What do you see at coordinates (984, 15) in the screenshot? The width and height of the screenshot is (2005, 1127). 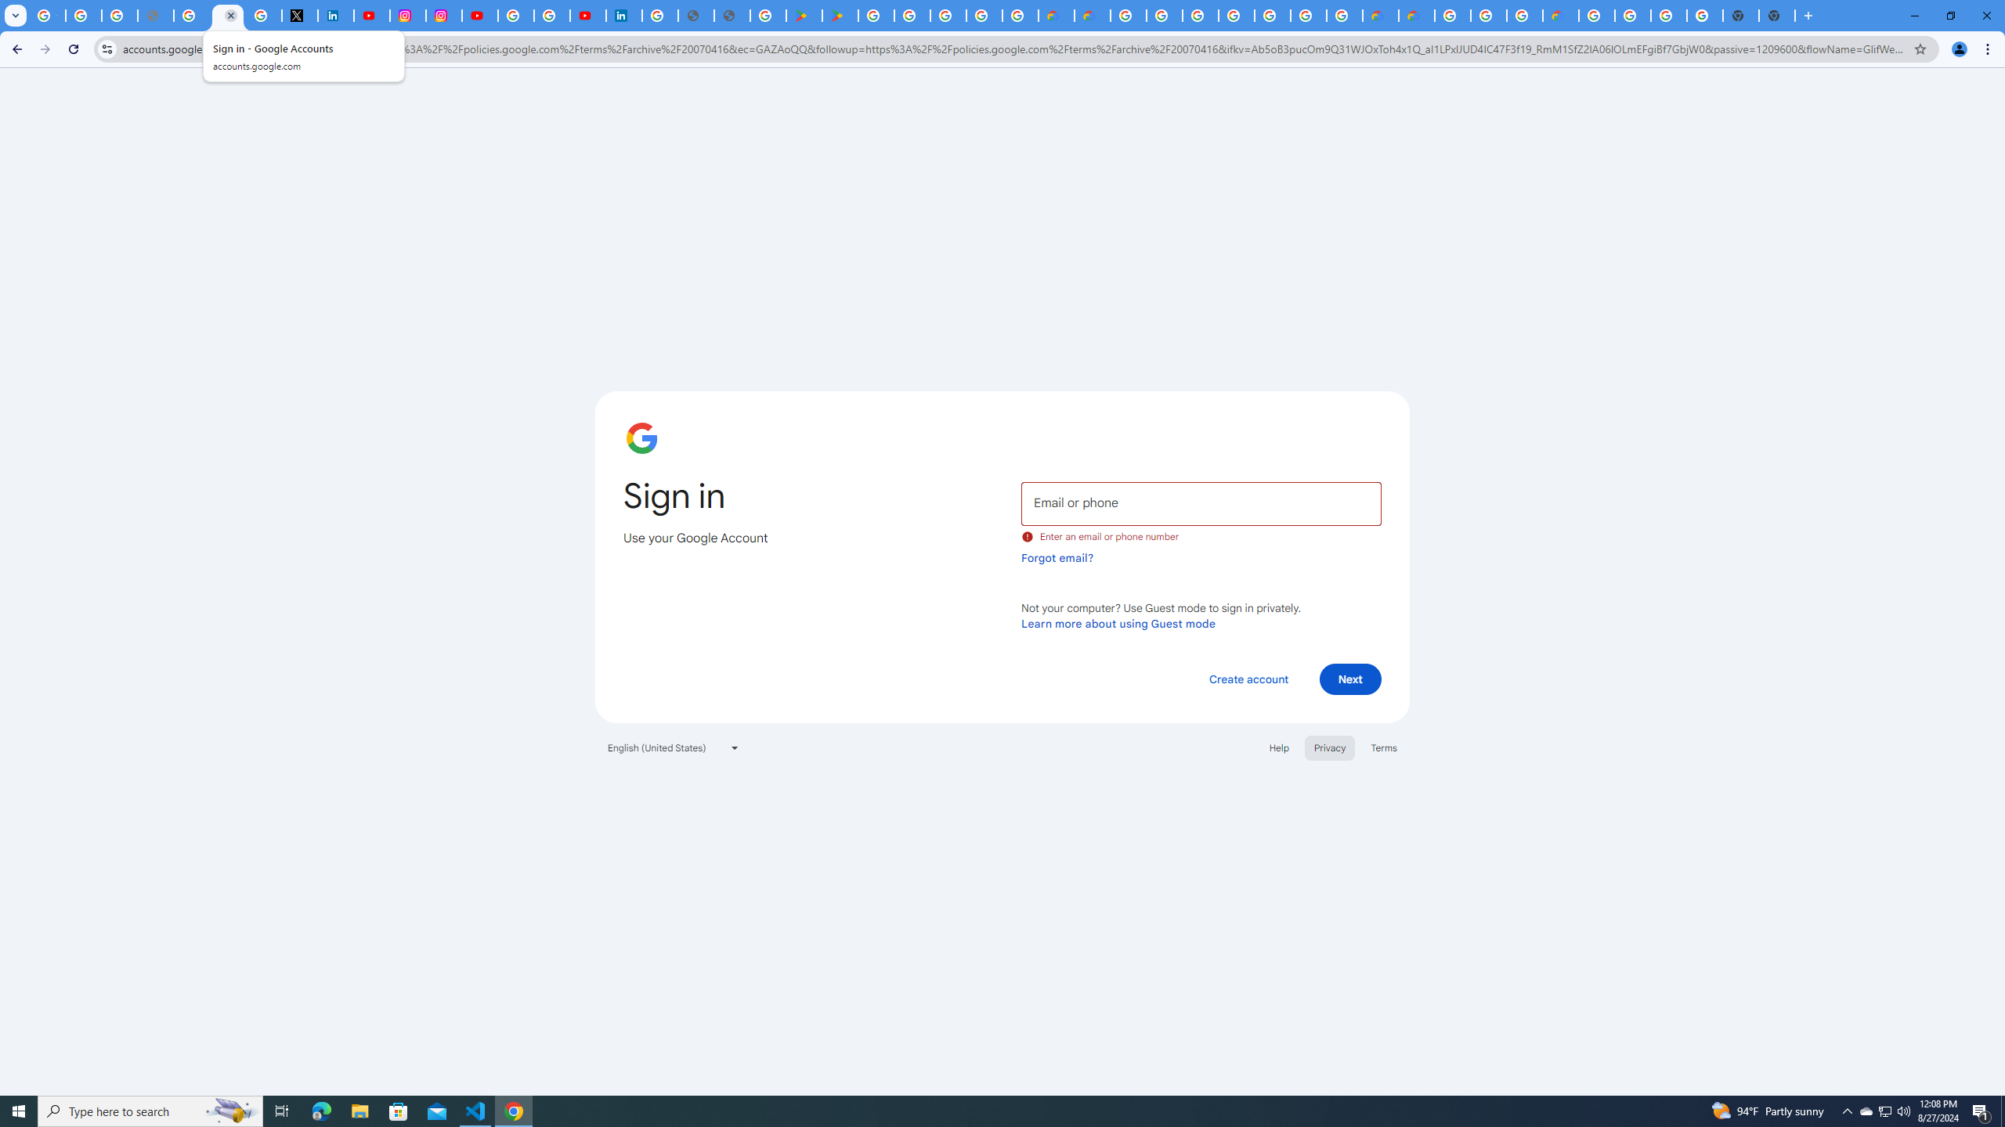 I see `'Google Workspace - Specific Terms'` at bounding box center [984, 15].